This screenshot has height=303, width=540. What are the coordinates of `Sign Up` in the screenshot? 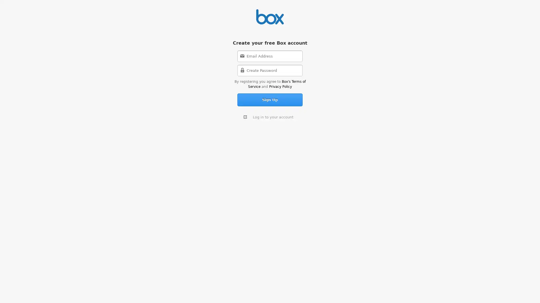 It's located at (270, 99).